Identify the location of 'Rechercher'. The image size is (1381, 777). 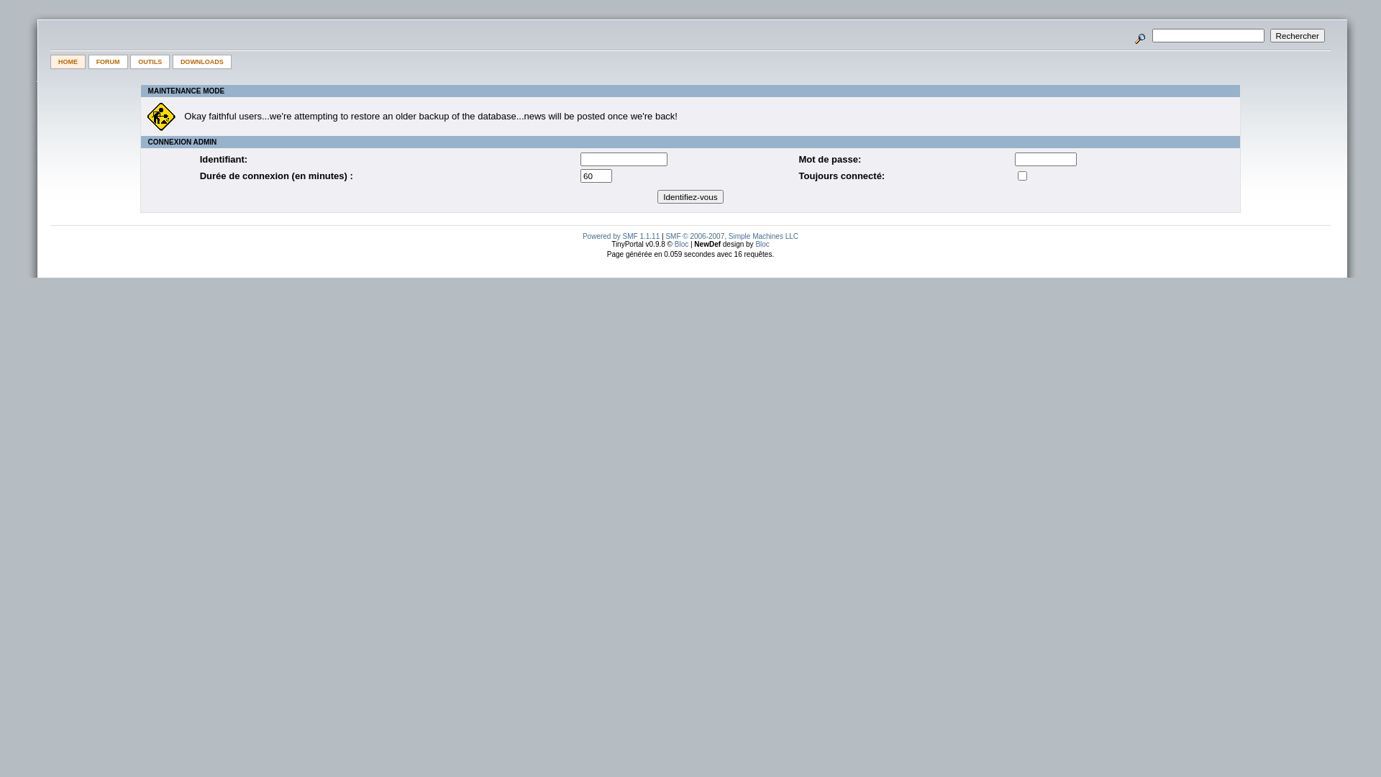
(1270, 35).